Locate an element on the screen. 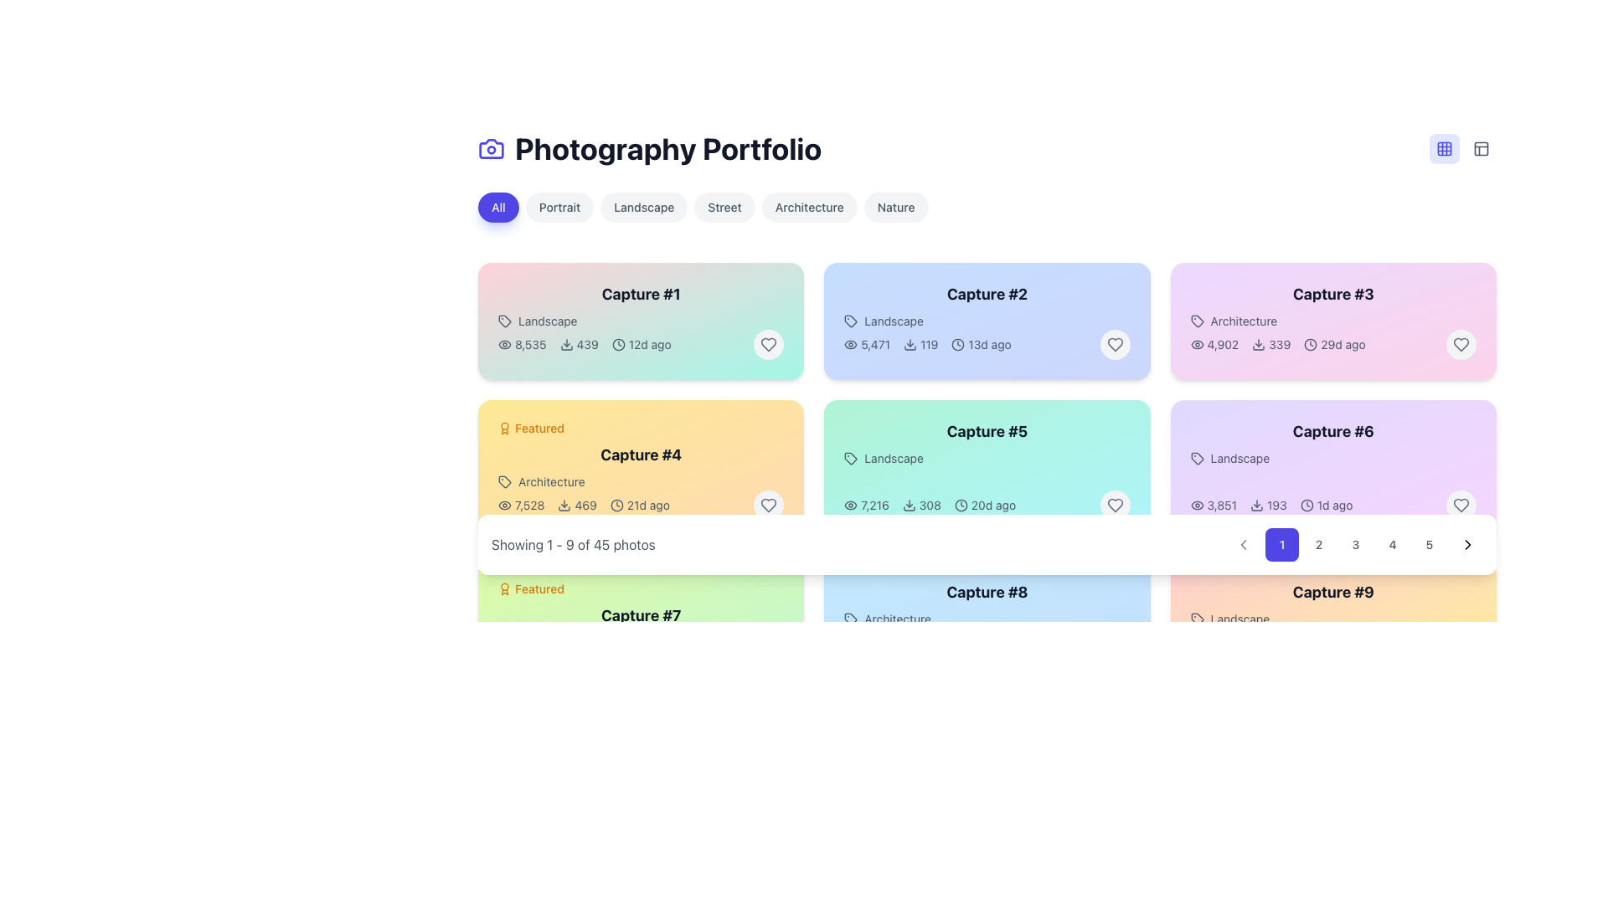 Image resolution: width=1608 pixels, height=904 pixels. the download icon in the 'Capture #2' card is located at coordinates (909, 344).